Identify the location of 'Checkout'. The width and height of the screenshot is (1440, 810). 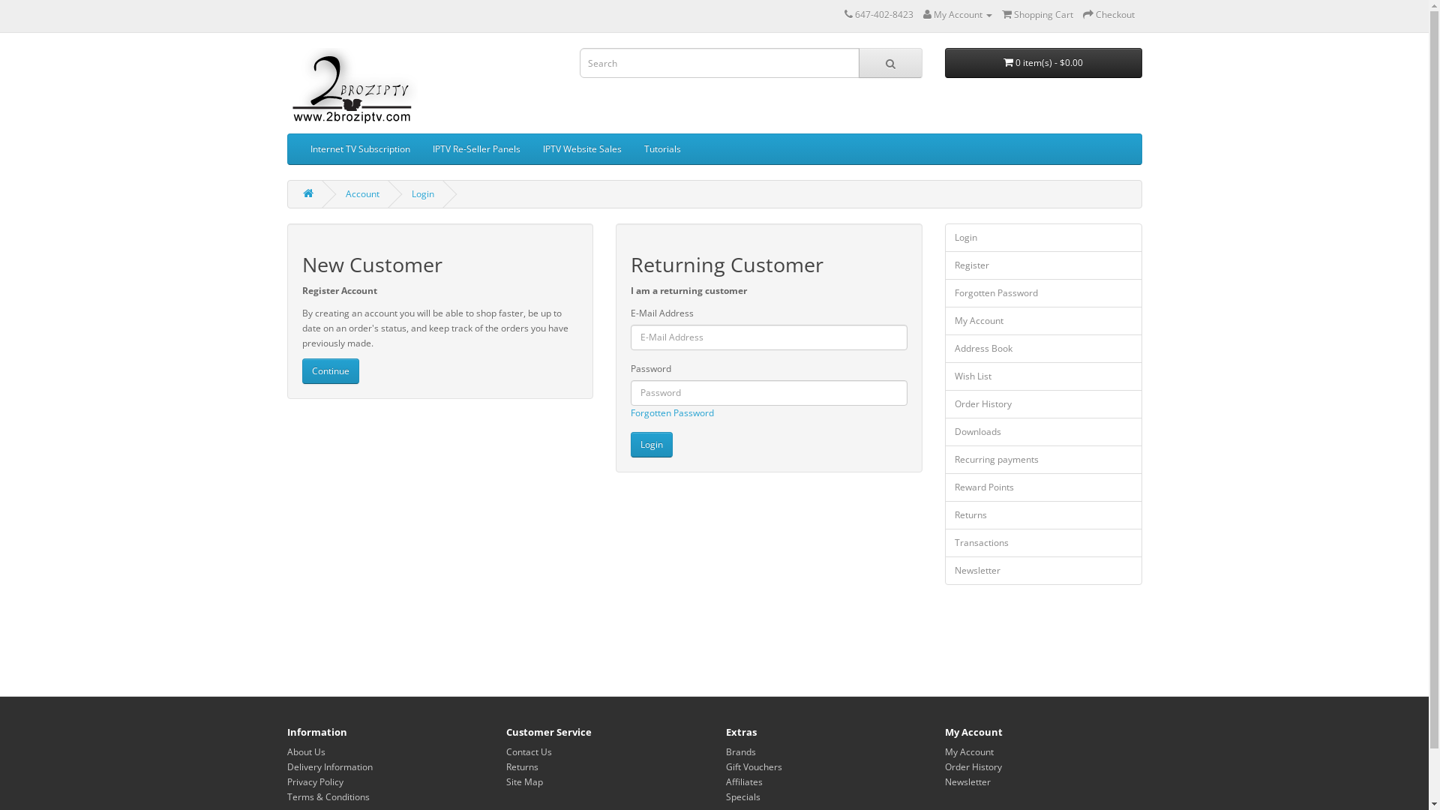
(1083, 14).